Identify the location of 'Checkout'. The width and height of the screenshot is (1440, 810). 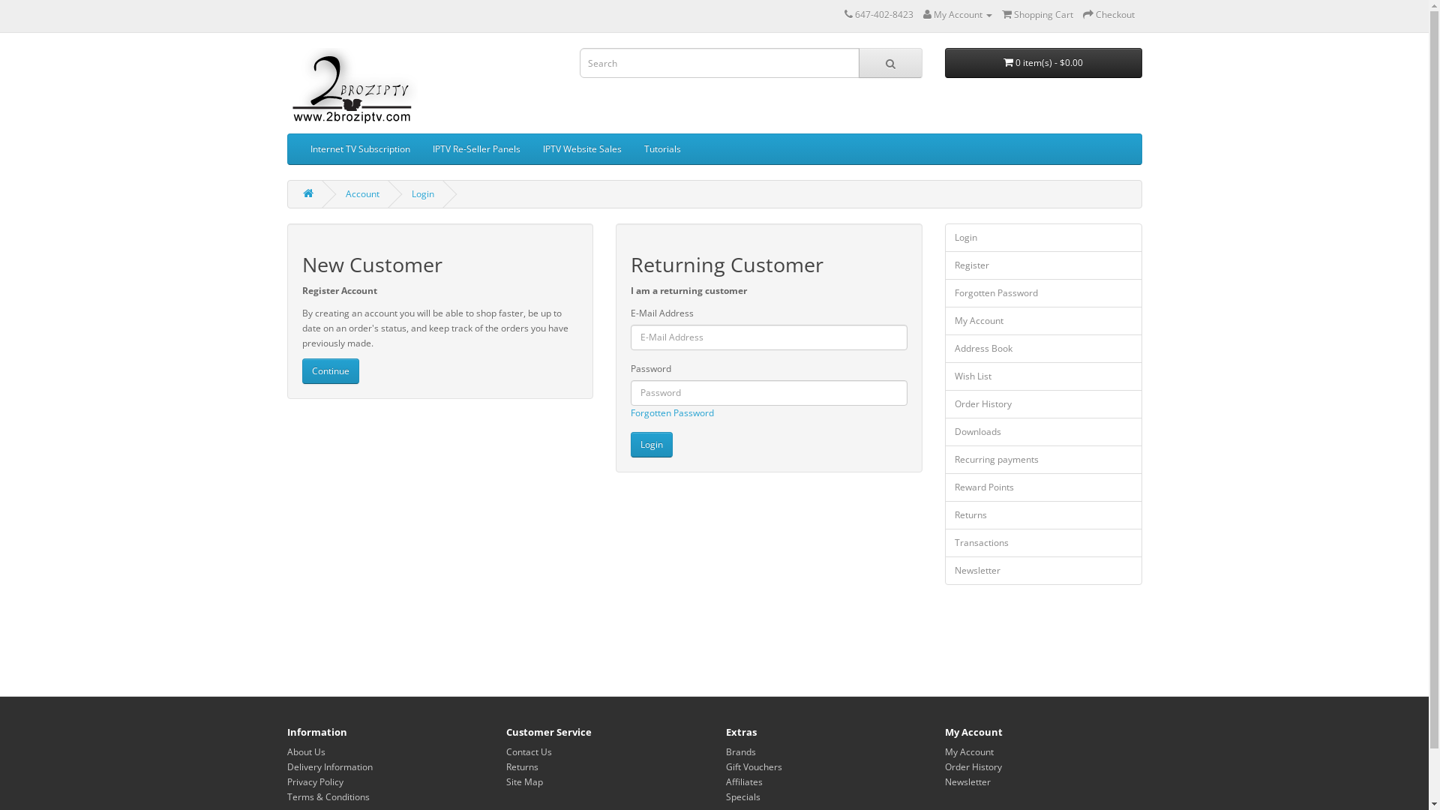
(1083, 14).